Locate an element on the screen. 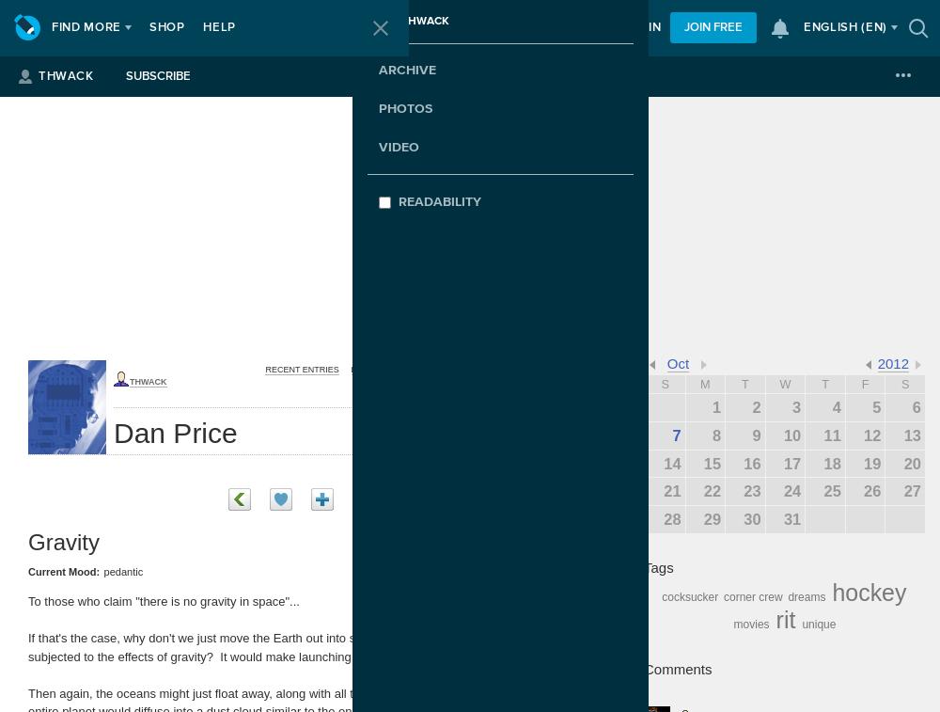 This screenshot has width=940, height=712. '11' is located at coordinates (832, 434).